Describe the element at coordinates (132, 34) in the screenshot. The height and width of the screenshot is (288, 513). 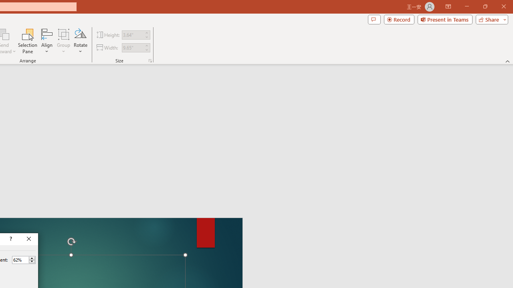
I see `'Shape Height'` at that location.